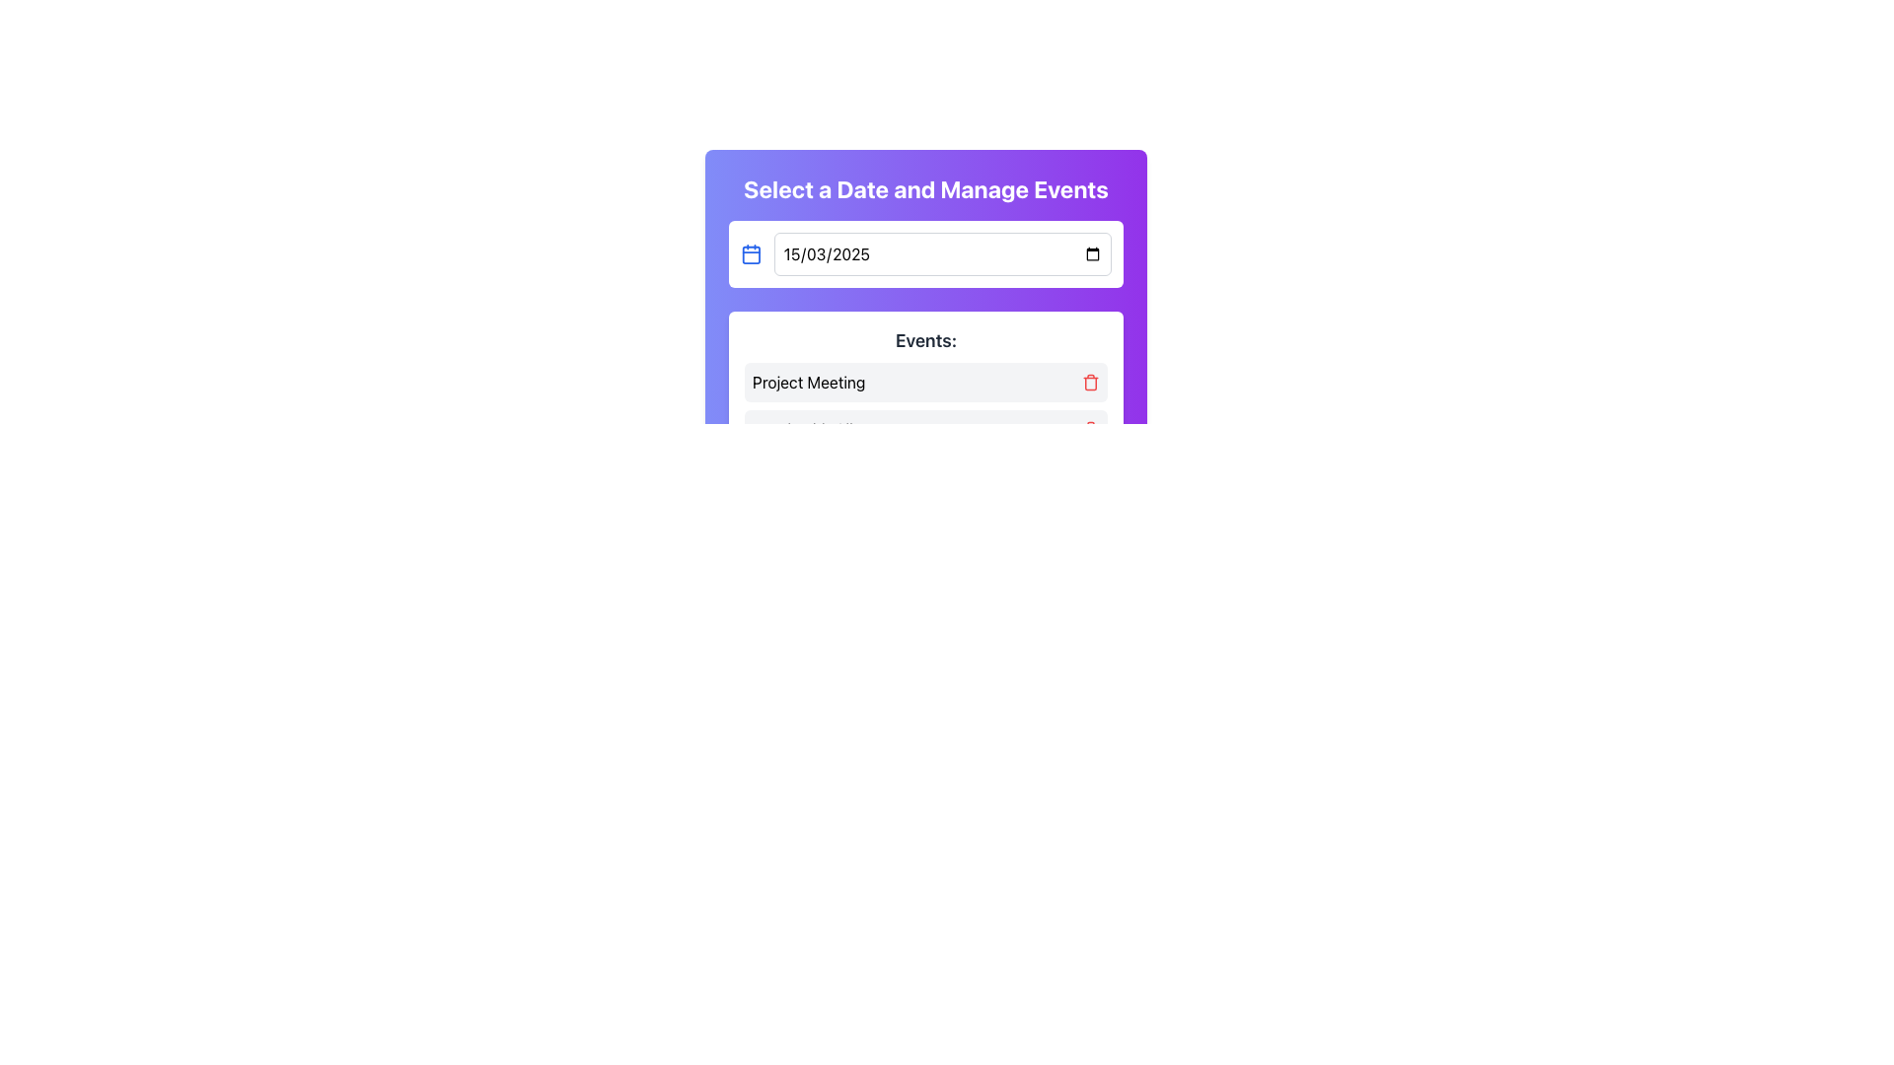 The image size is (1894, 1065). What do you see at coordinates (925, 253) in the screenshot?
I see `a date in the Date Picker Component located below the header 'Select a Date and Manage Events'` at bounding box center [925, 253].